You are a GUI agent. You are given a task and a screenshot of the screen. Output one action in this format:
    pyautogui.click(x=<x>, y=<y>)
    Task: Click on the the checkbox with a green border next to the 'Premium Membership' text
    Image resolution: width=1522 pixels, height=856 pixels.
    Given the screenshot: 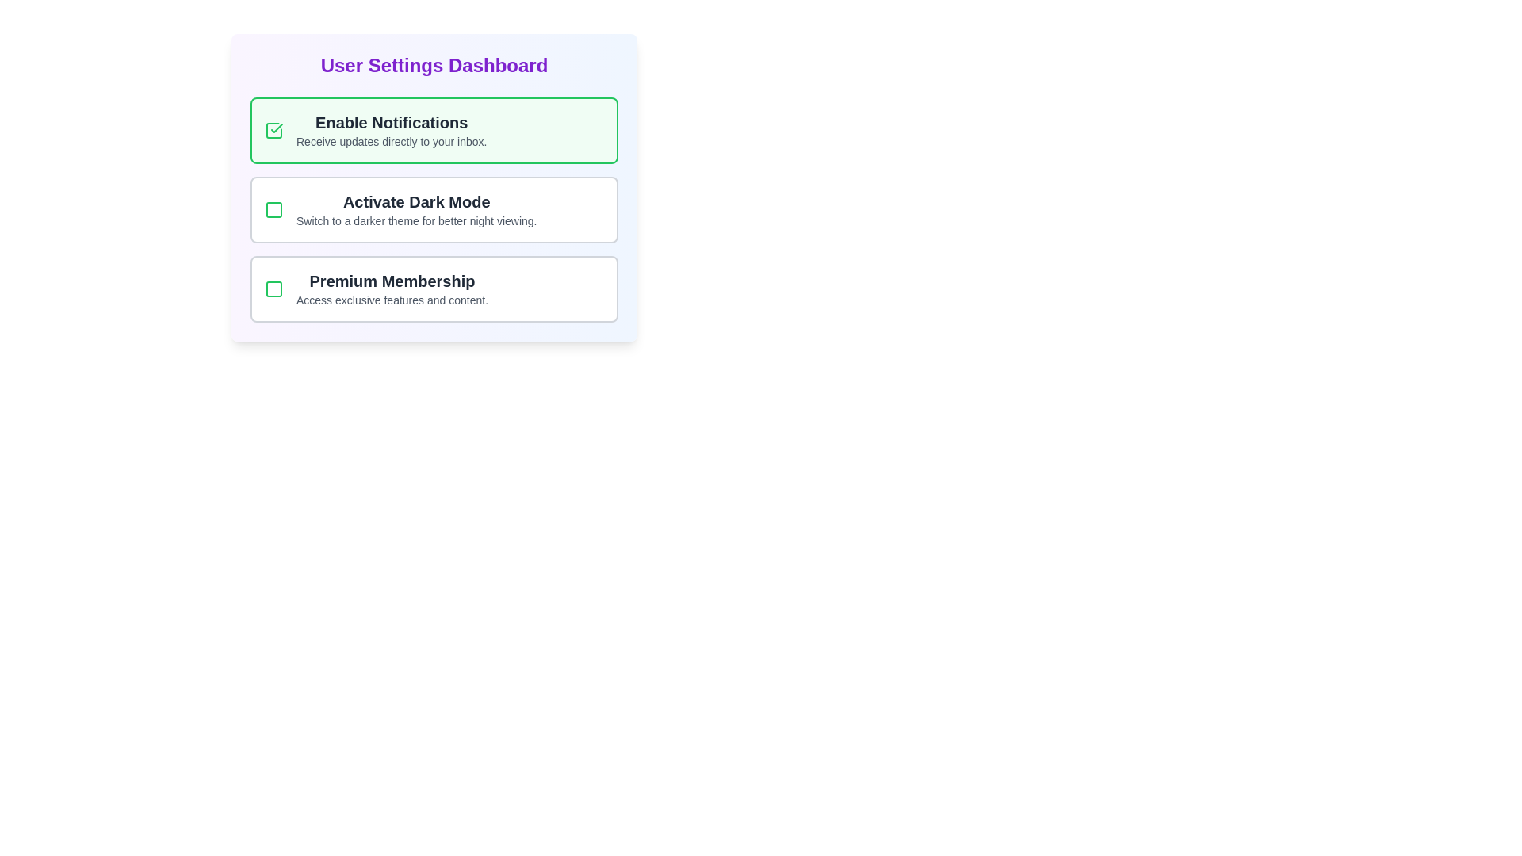 What is the action you would take?
    pyautogui.click(x=273, y=289)
    